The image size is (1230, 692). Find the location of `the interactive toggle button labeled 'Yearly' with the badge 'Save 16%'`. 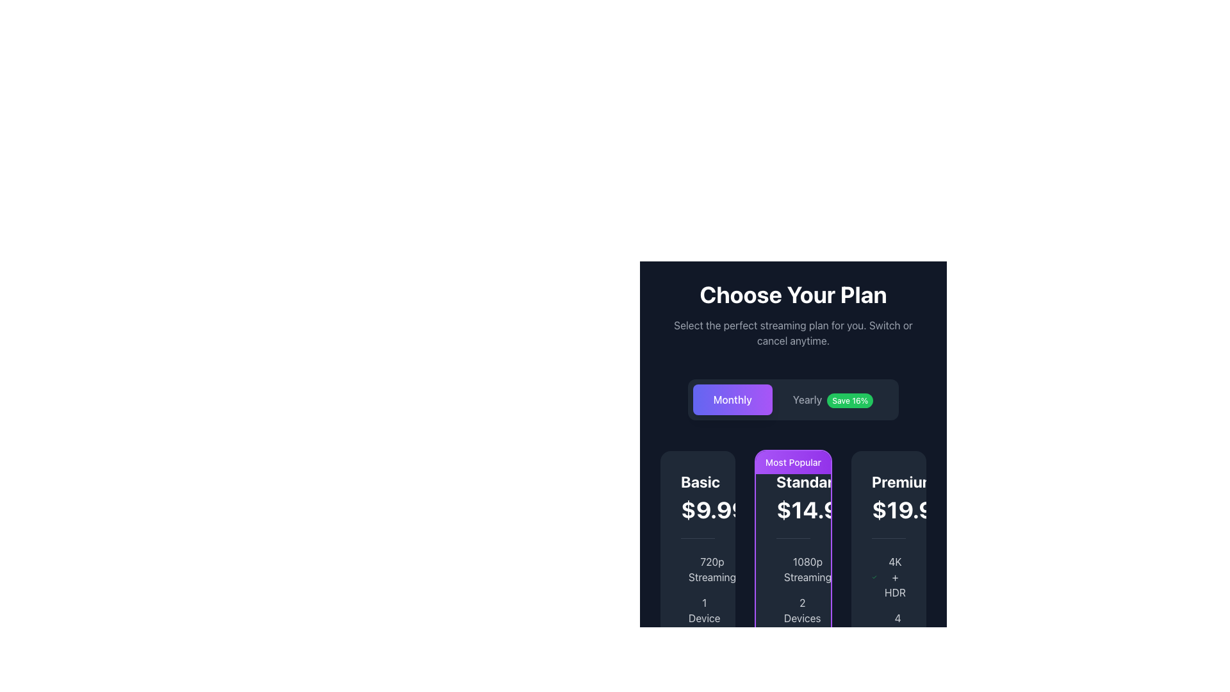

the interactive toggle button labeled 'Yearly' with the badge 'Save 16%' is located at coordinates (833, 399).